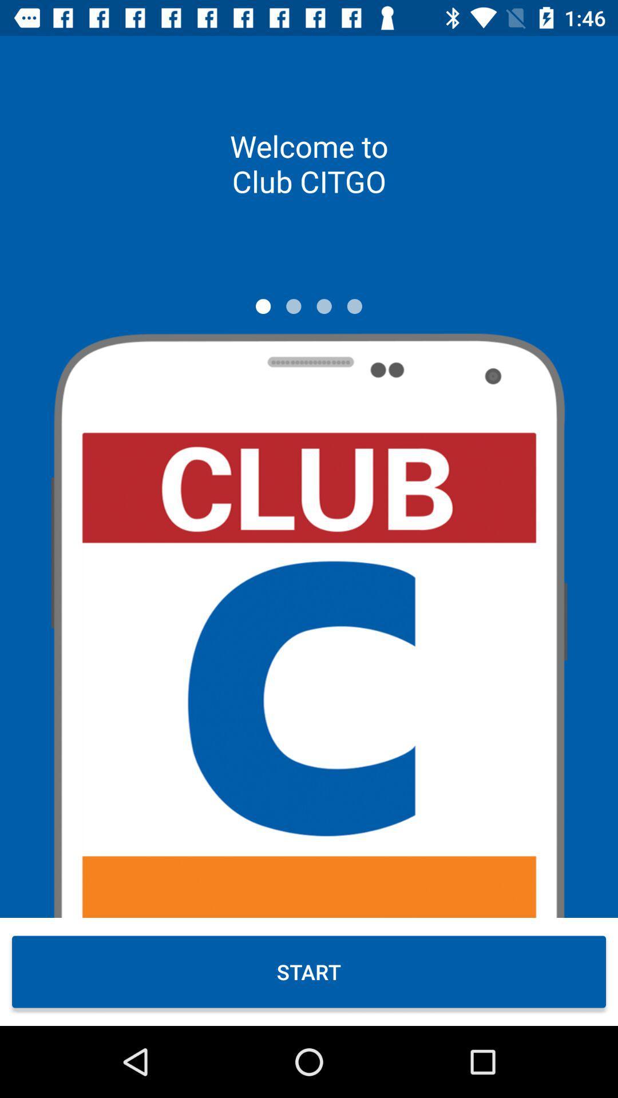 This screenshot has height=1098, width=618. I want to click on more information, so click(324, 306).